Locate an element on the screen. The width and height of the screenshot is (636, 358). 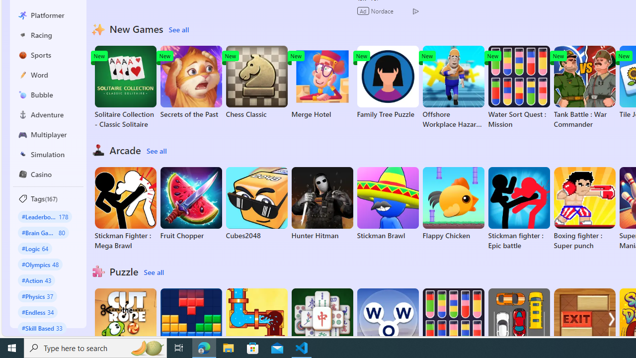
'Merge Hotel' is located at coordinates (322, 82).